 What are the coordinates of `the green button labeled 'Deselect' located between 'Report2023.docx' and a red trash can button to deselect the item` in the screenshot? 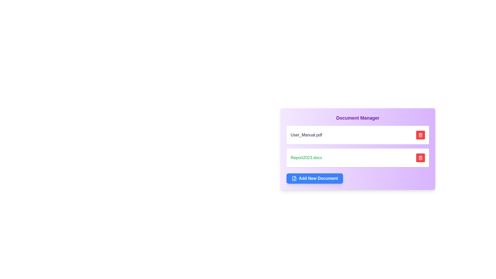 It's located at (401, 157).